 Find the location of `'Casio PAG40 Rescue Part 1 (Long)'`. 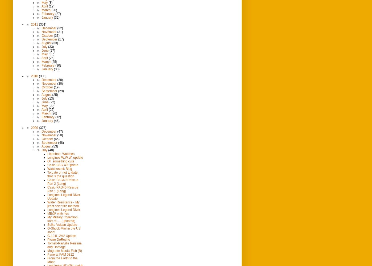

'Casio PAG40 Rescue Part 1 (Long)' is located at coordinates (47, 189).